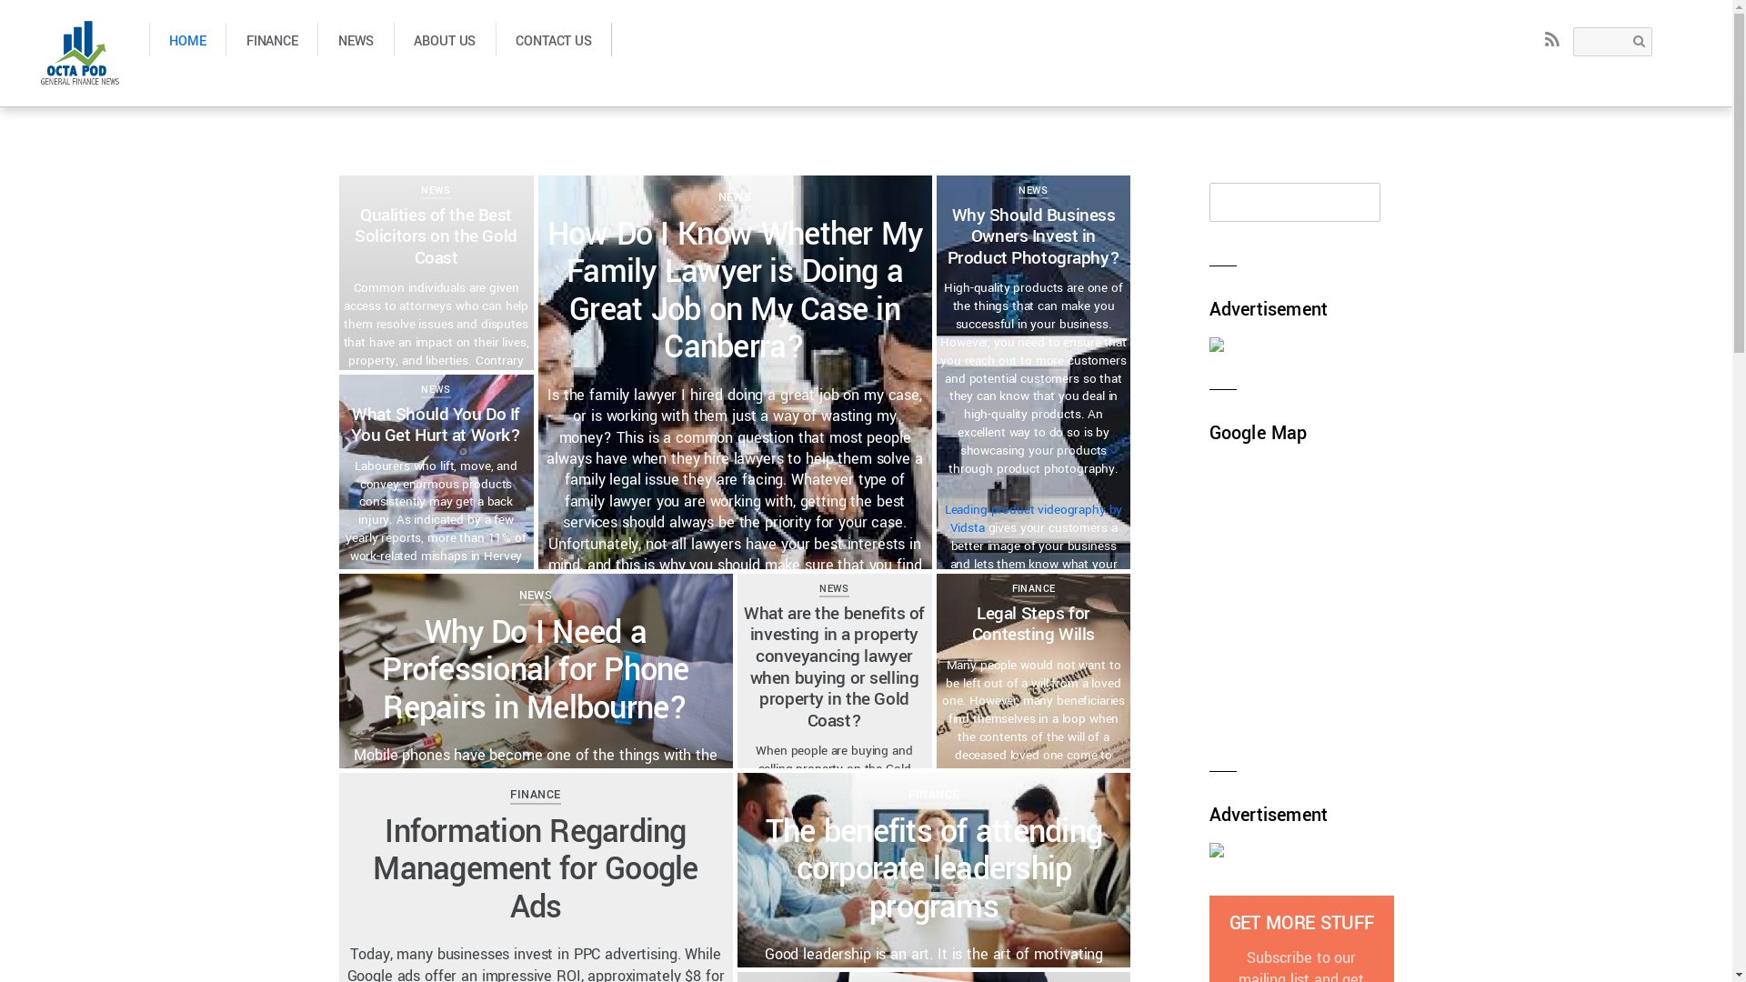 The width and height of the screenshot is (1746, 982). What do you see at coordinates (1571, 41) in the screenshot?
I see `'Search'` at bounding box center [1571, 41].